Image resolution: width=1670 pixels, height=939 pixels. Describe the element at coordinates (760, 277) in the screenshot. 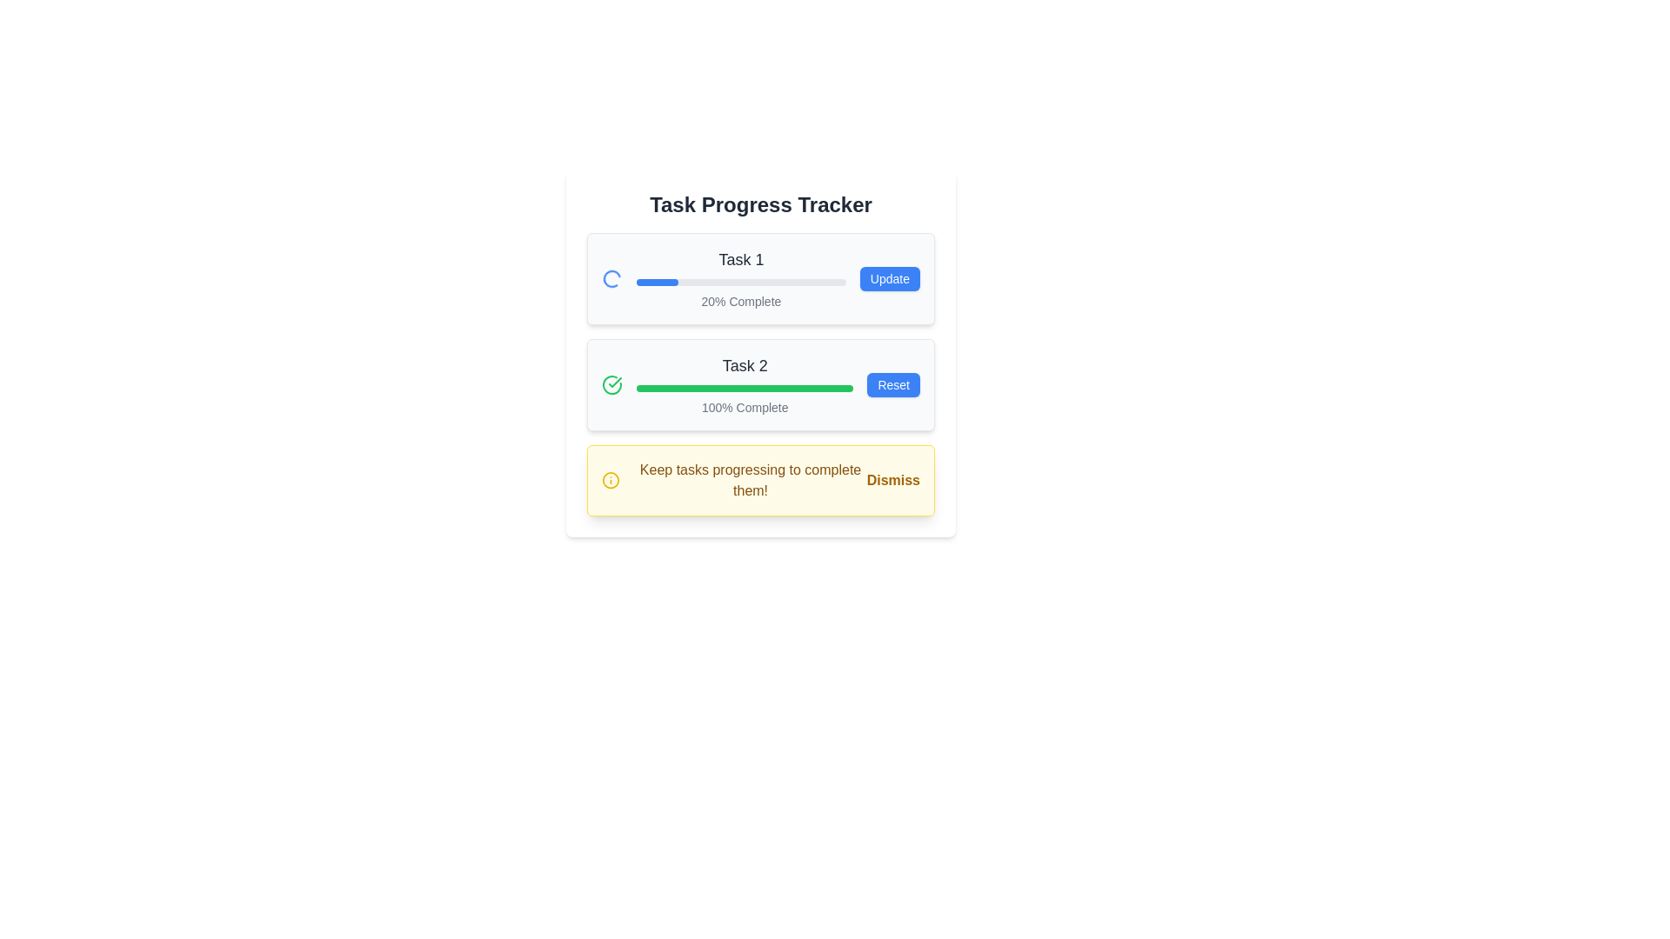

I see `the progress bar for 'Task 1' which is a horizontal task progress indicator displaying '20% Complete' and an 'Update' button on the right` at that location.